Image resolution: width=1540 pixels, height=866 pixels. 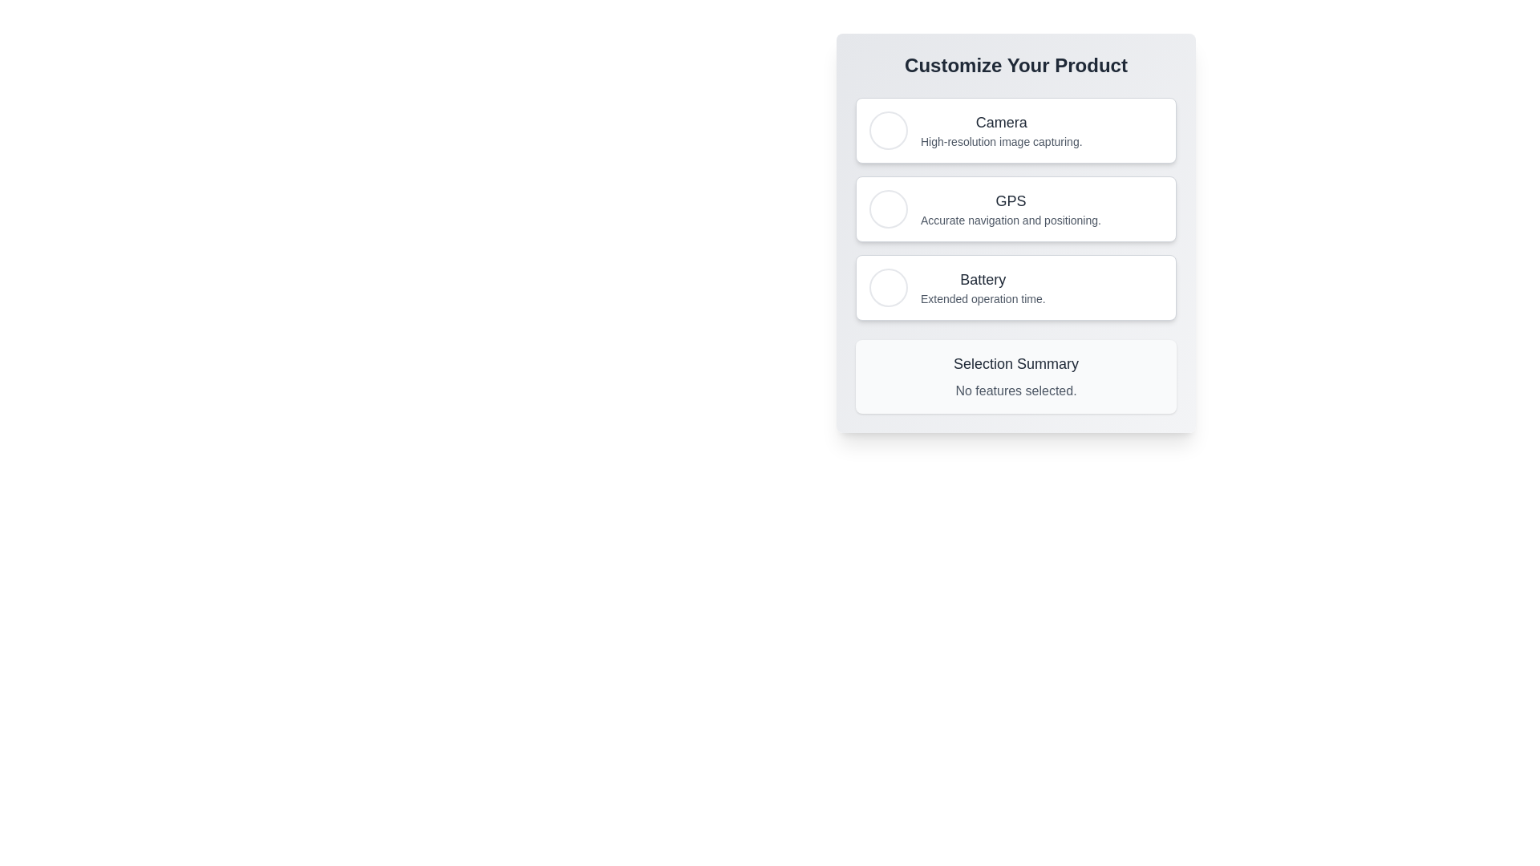 What do you see at coordinates (1000, 141) in the screenshot?
I see `the descriptive static text label located below the 'Camera' option in the vertical list of selectable options` at bounding box center [1000, 141].